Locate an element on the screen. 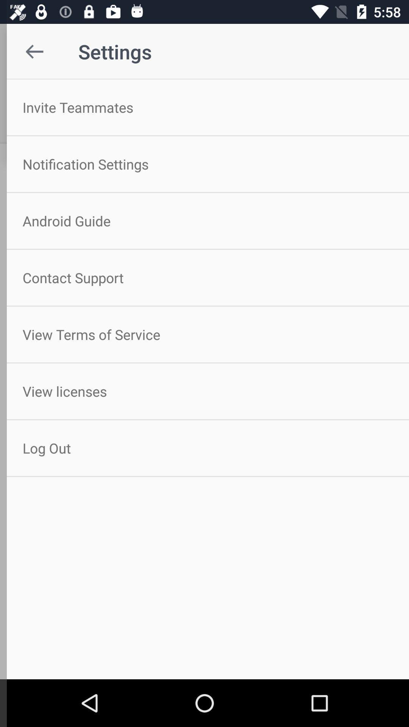 The image size is (409, 727). view licenses is located at coordinates (204, 391).